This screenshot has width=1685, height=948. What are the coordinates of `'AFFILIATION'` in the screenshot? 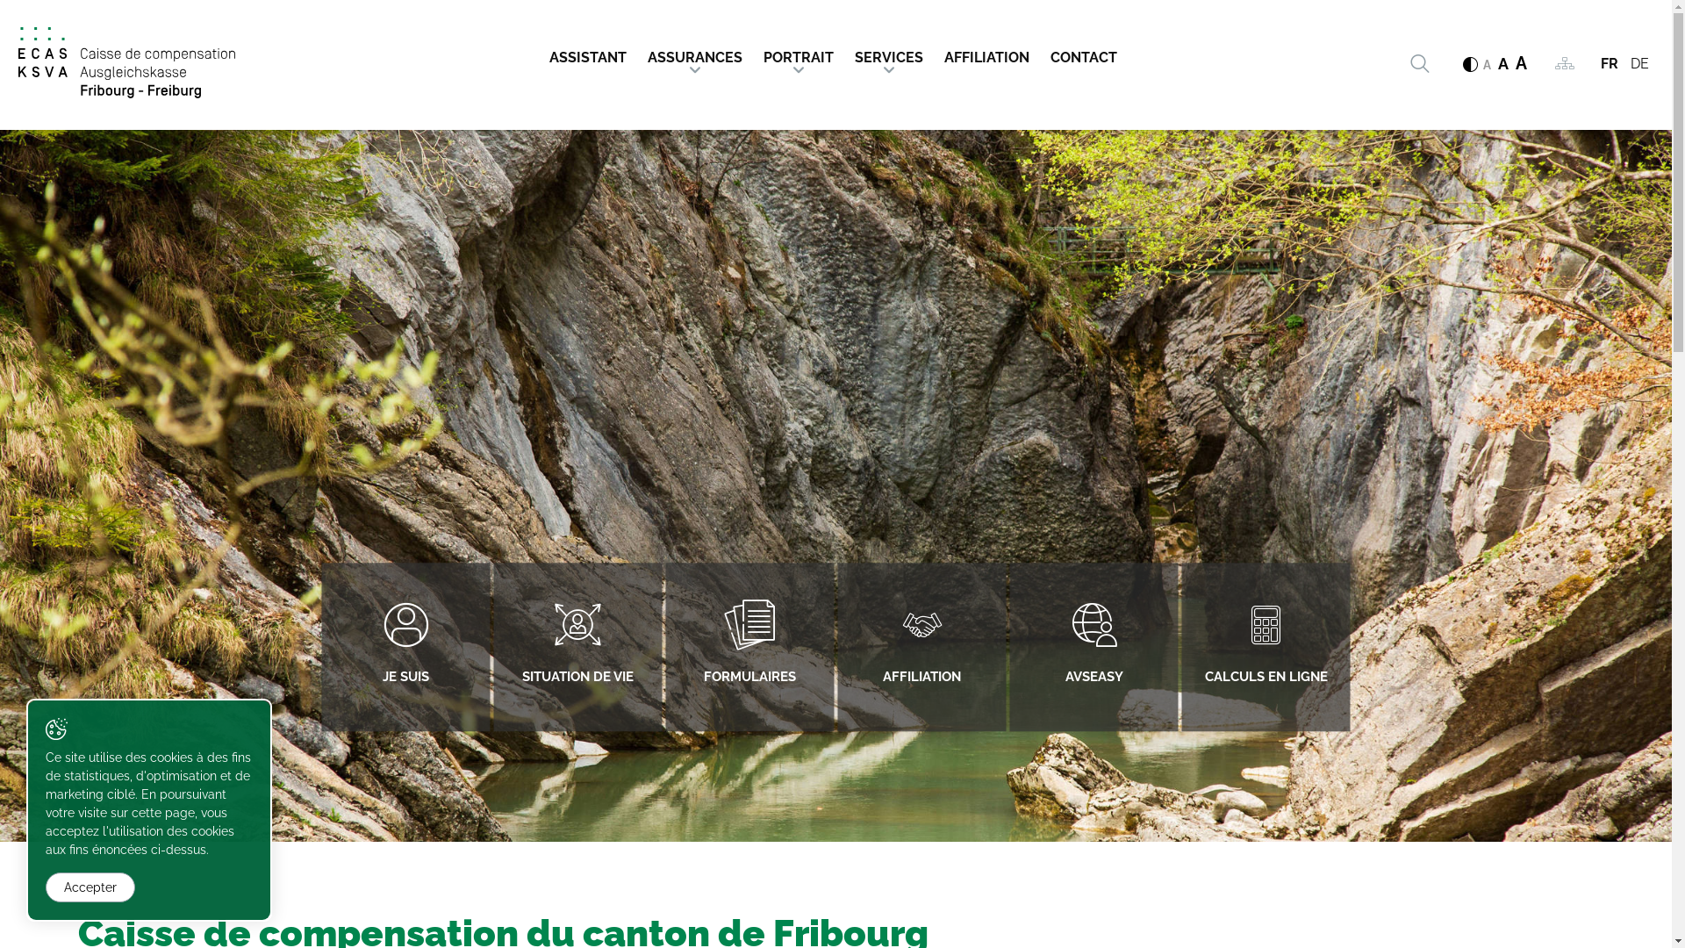 It's located at (921, 647).